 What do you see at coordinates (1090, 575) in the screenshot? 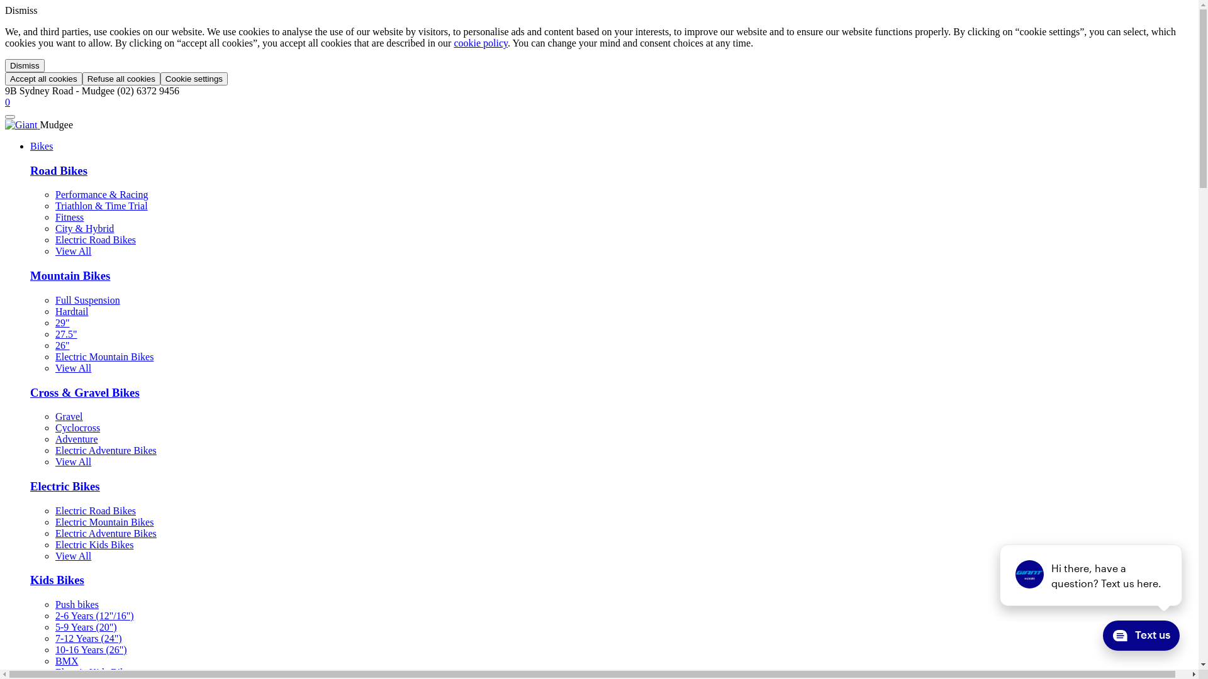
I see `'podium webchat widget prompt'` at bounding box center [1090, 575].